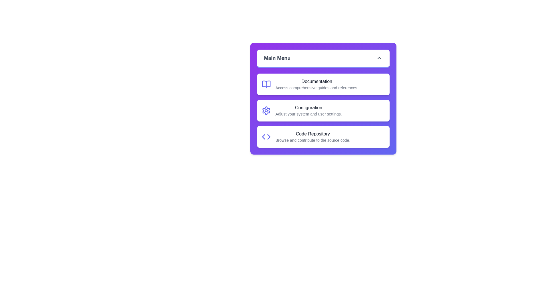 This screenshot has width=548, height=308. I want to click on the menu item Documentation from the list, so click(323, 84).